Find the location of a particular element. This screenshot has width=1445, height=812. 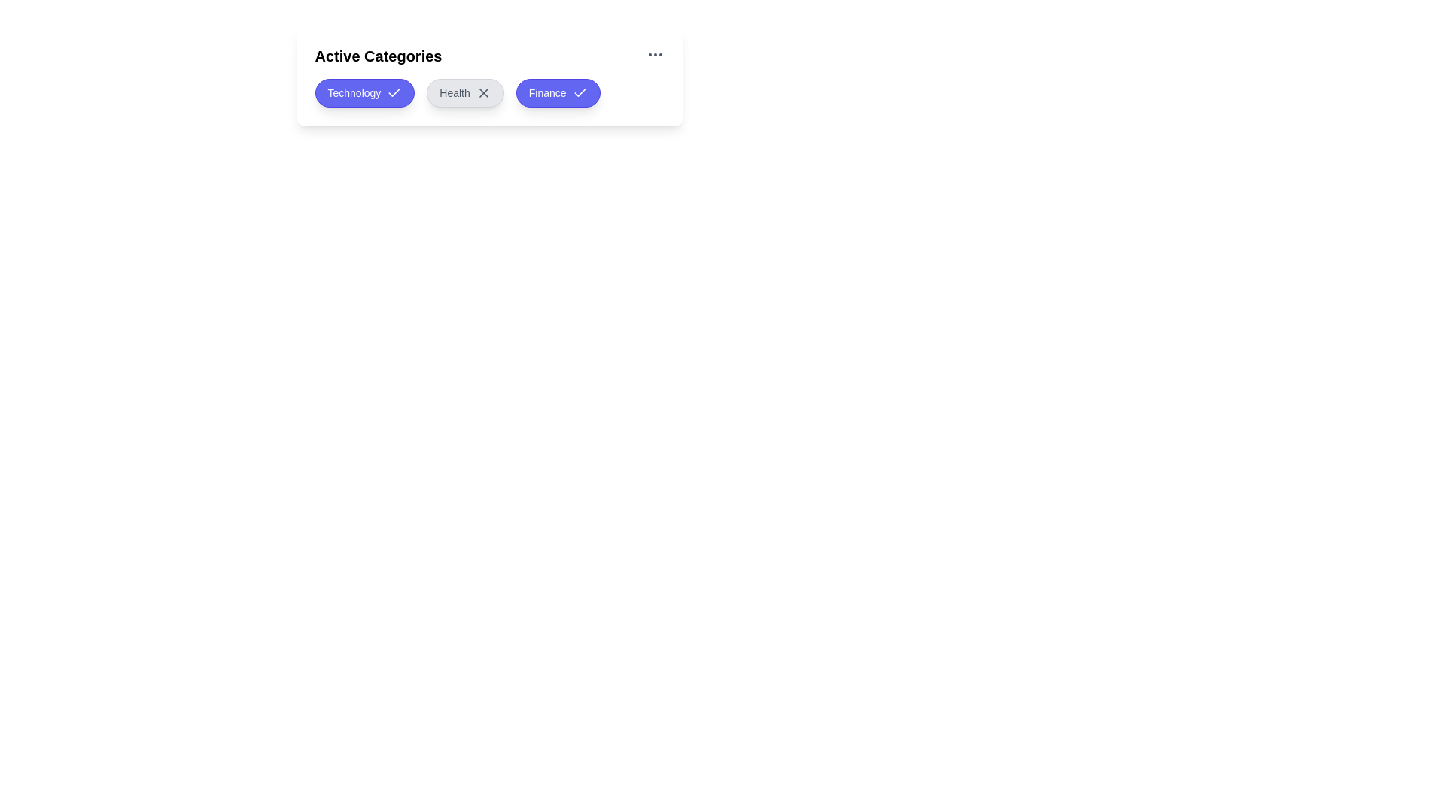

the center of the header text 'Active Categories' is located at coordinates (489, 55).